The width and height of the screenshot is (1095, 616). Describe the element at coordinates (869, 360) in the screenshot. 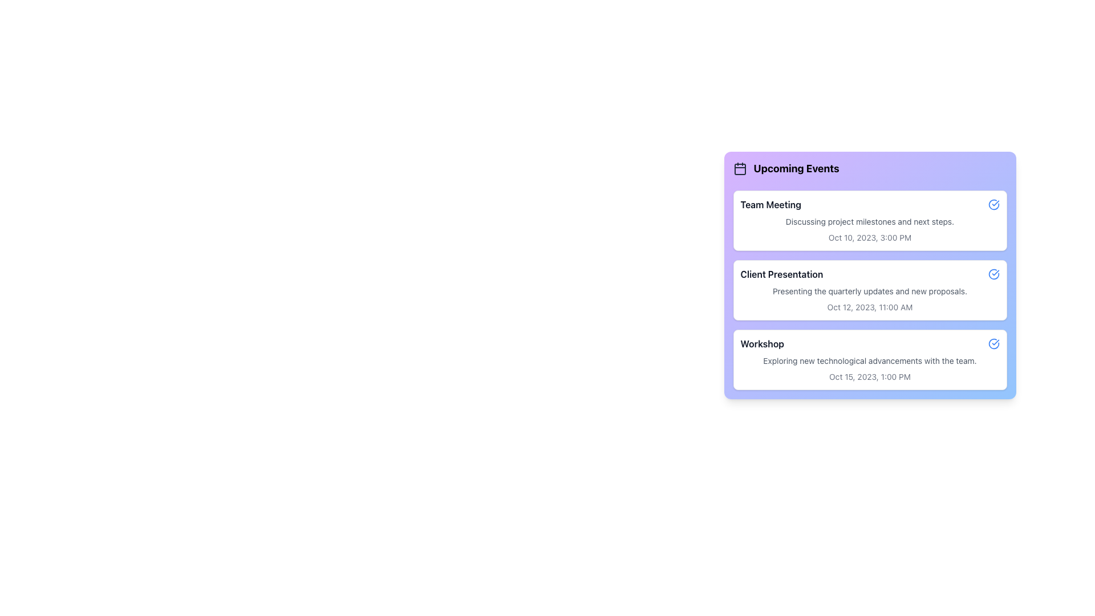

I see `the second line of text within the 'Workshop' card that provides descriptive information about the event` at that location.